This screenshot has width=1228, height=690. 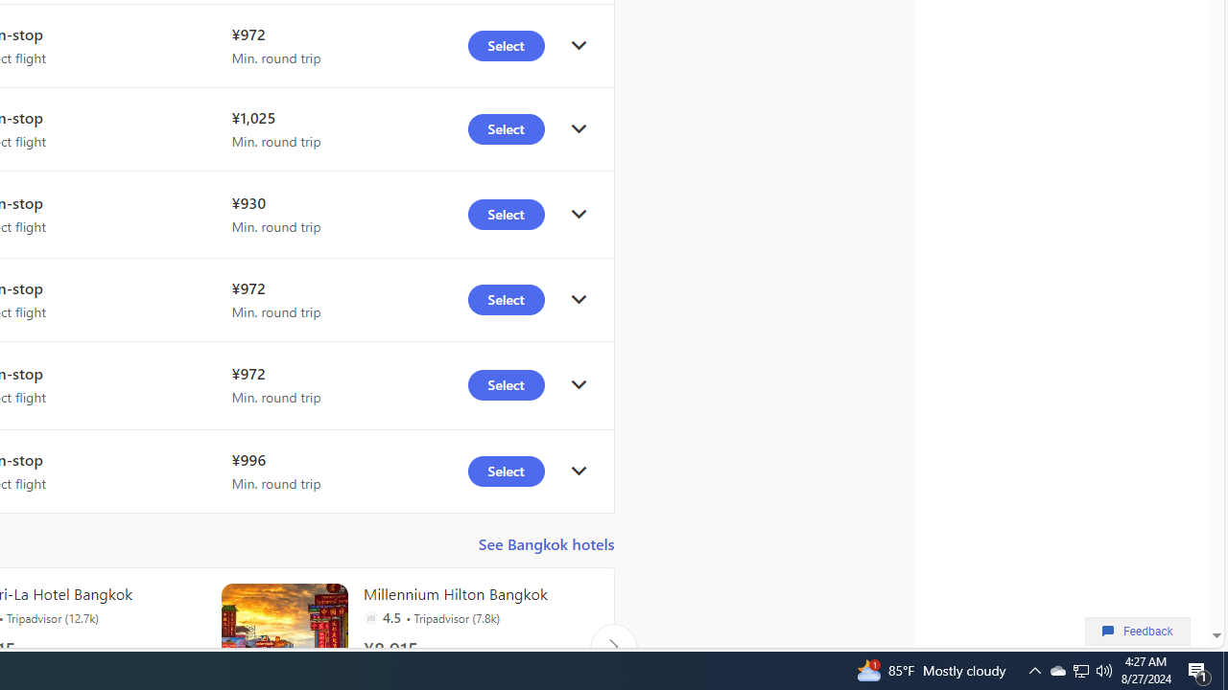 What do you see at coordinates (612, 646) in the screenshot?
I see `'Click to scroll right'` at bounding box center [612, 646].